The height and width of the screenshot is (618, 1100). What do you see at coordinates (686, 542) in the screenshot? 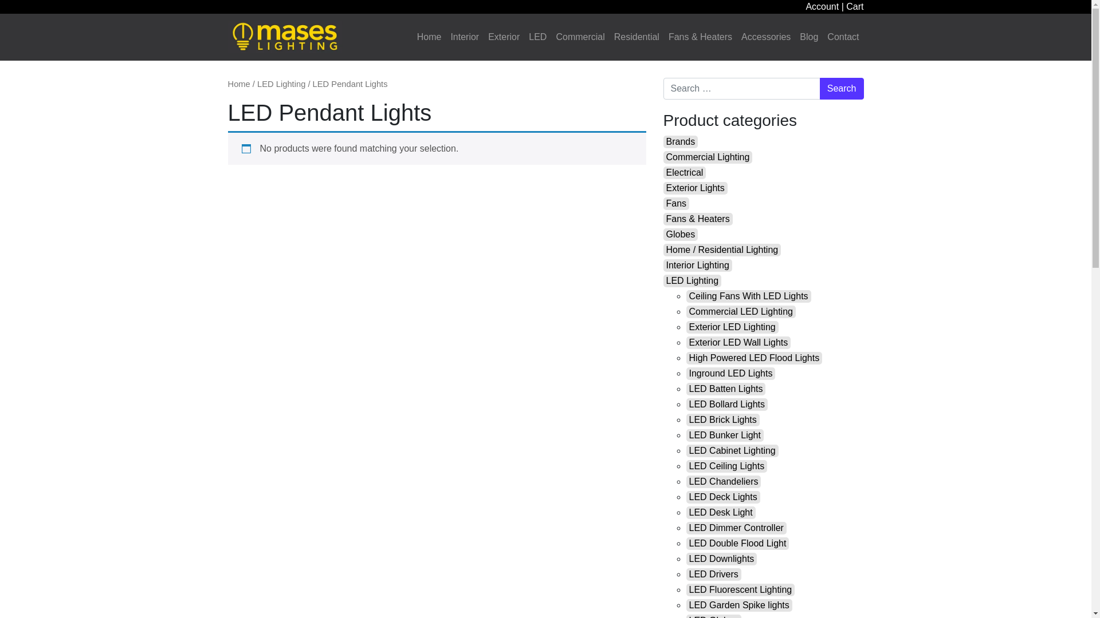
I see `'LED Double Flood Light'` at bounding box center [686, 542].